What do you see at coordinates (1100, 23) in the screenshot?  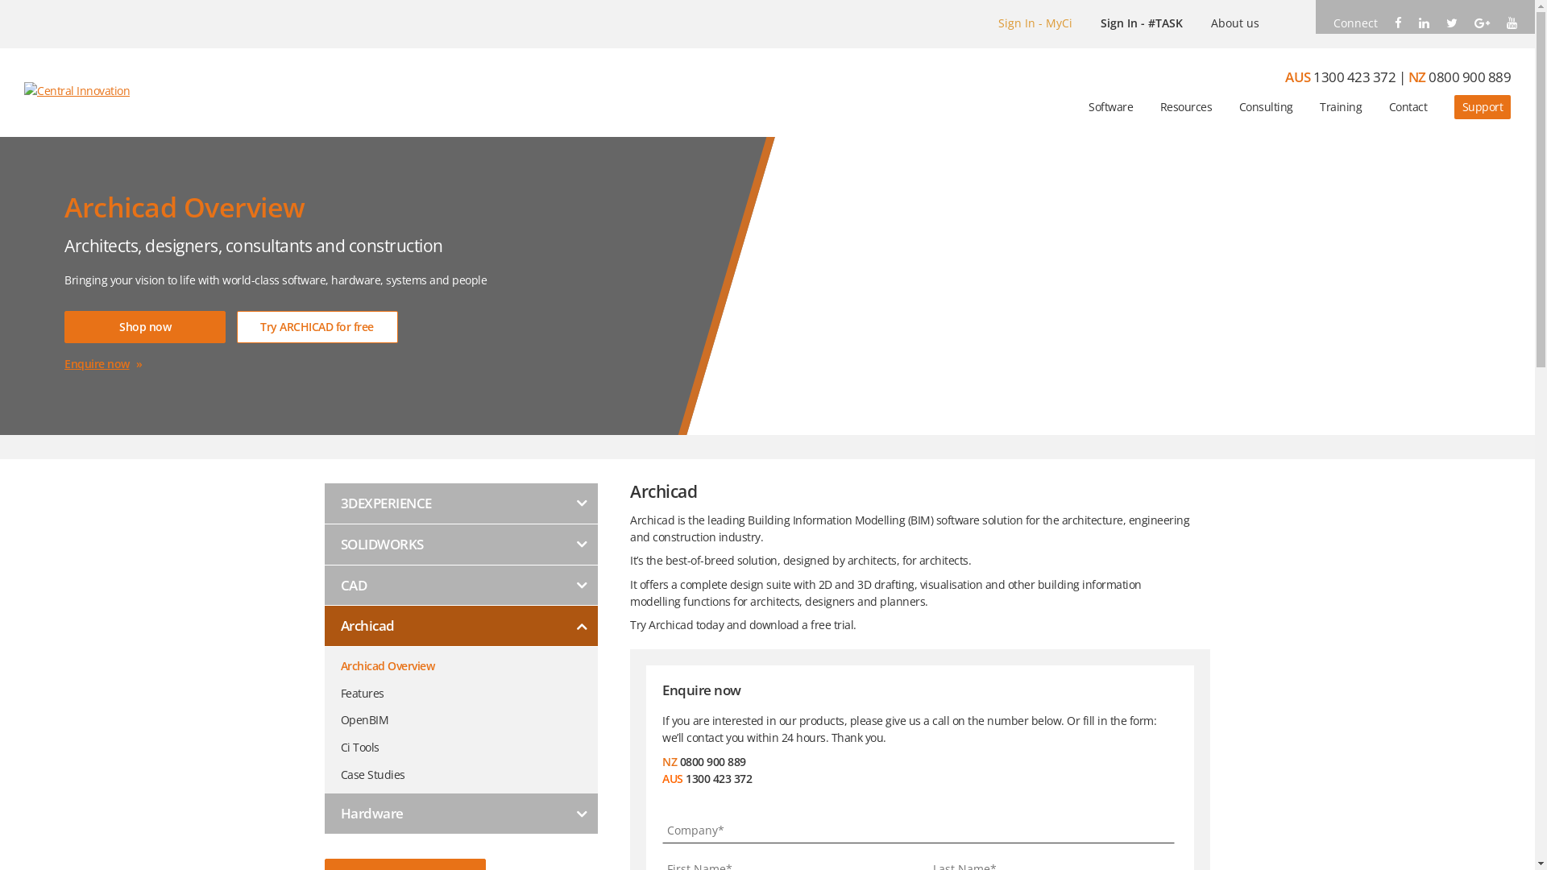 I see `'Sign In - #TASK'` at bounding box center [1100, 23].